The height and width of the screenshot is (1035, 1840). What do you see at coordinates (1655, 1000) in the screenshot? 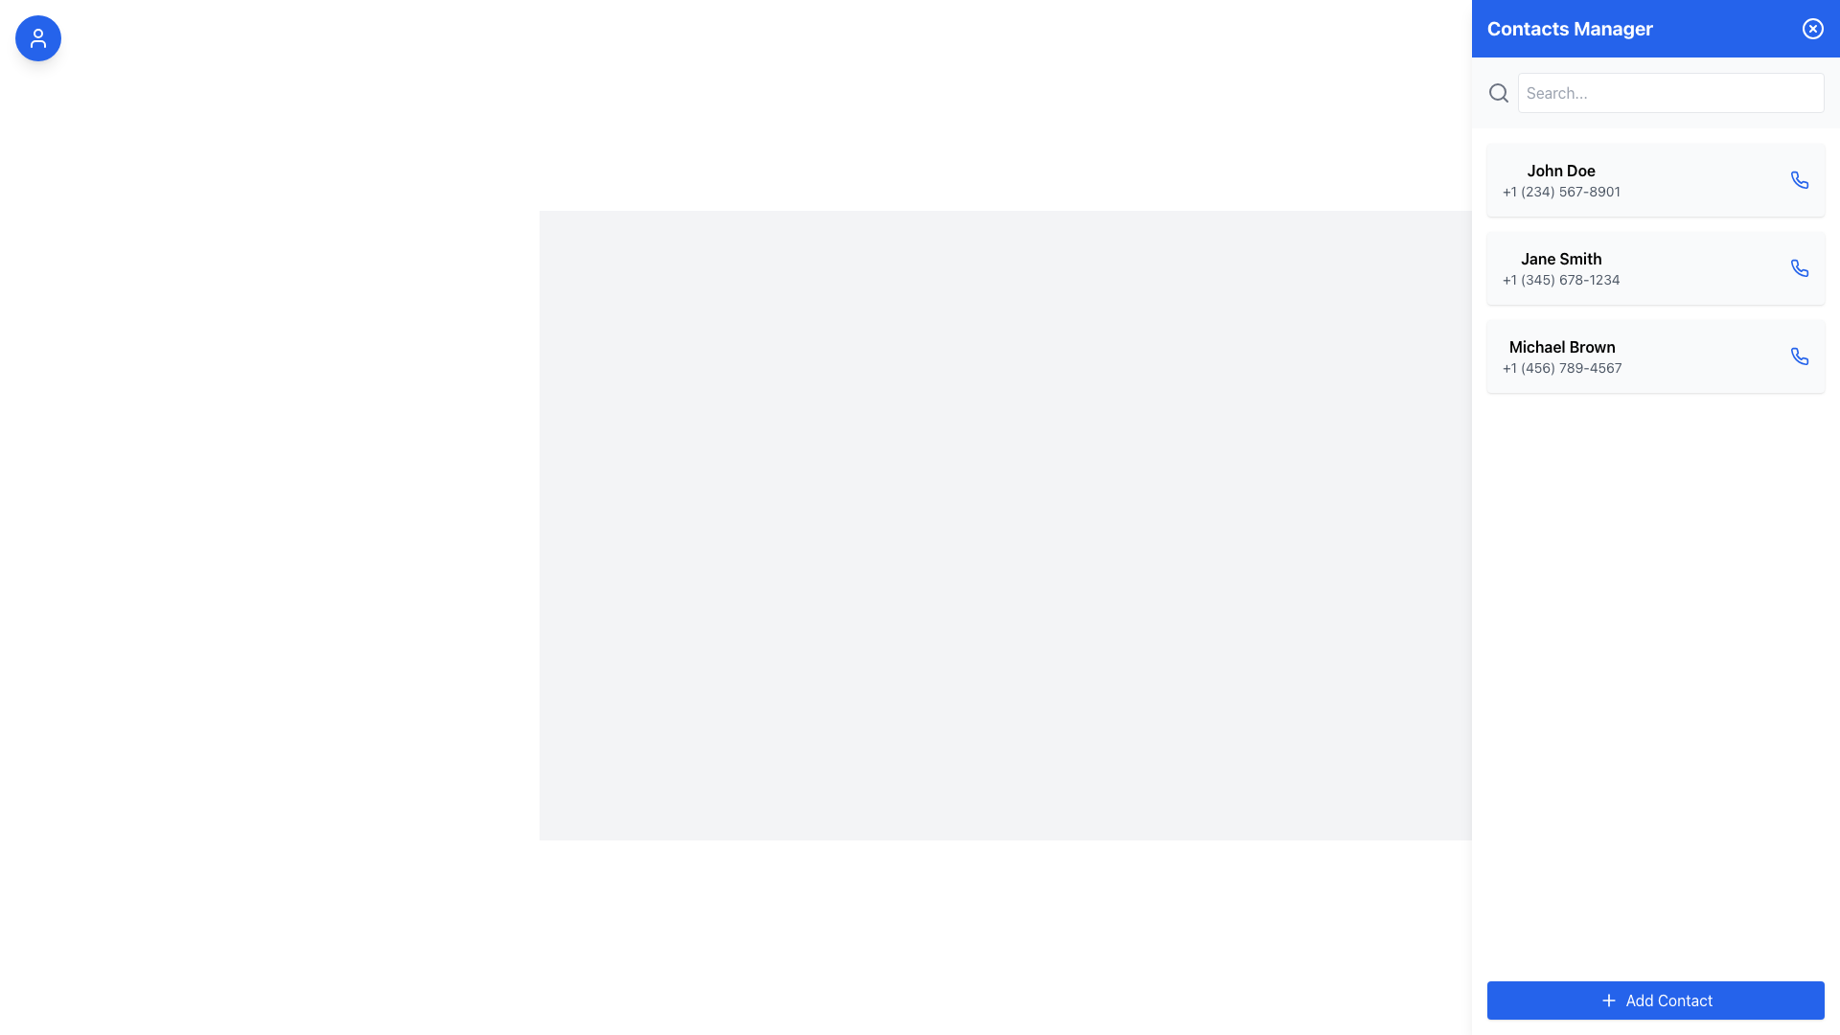
I see `the blue 'Add Contact' button located at the bottom-right corner of the interface` at bounding box center [1655, 1000].